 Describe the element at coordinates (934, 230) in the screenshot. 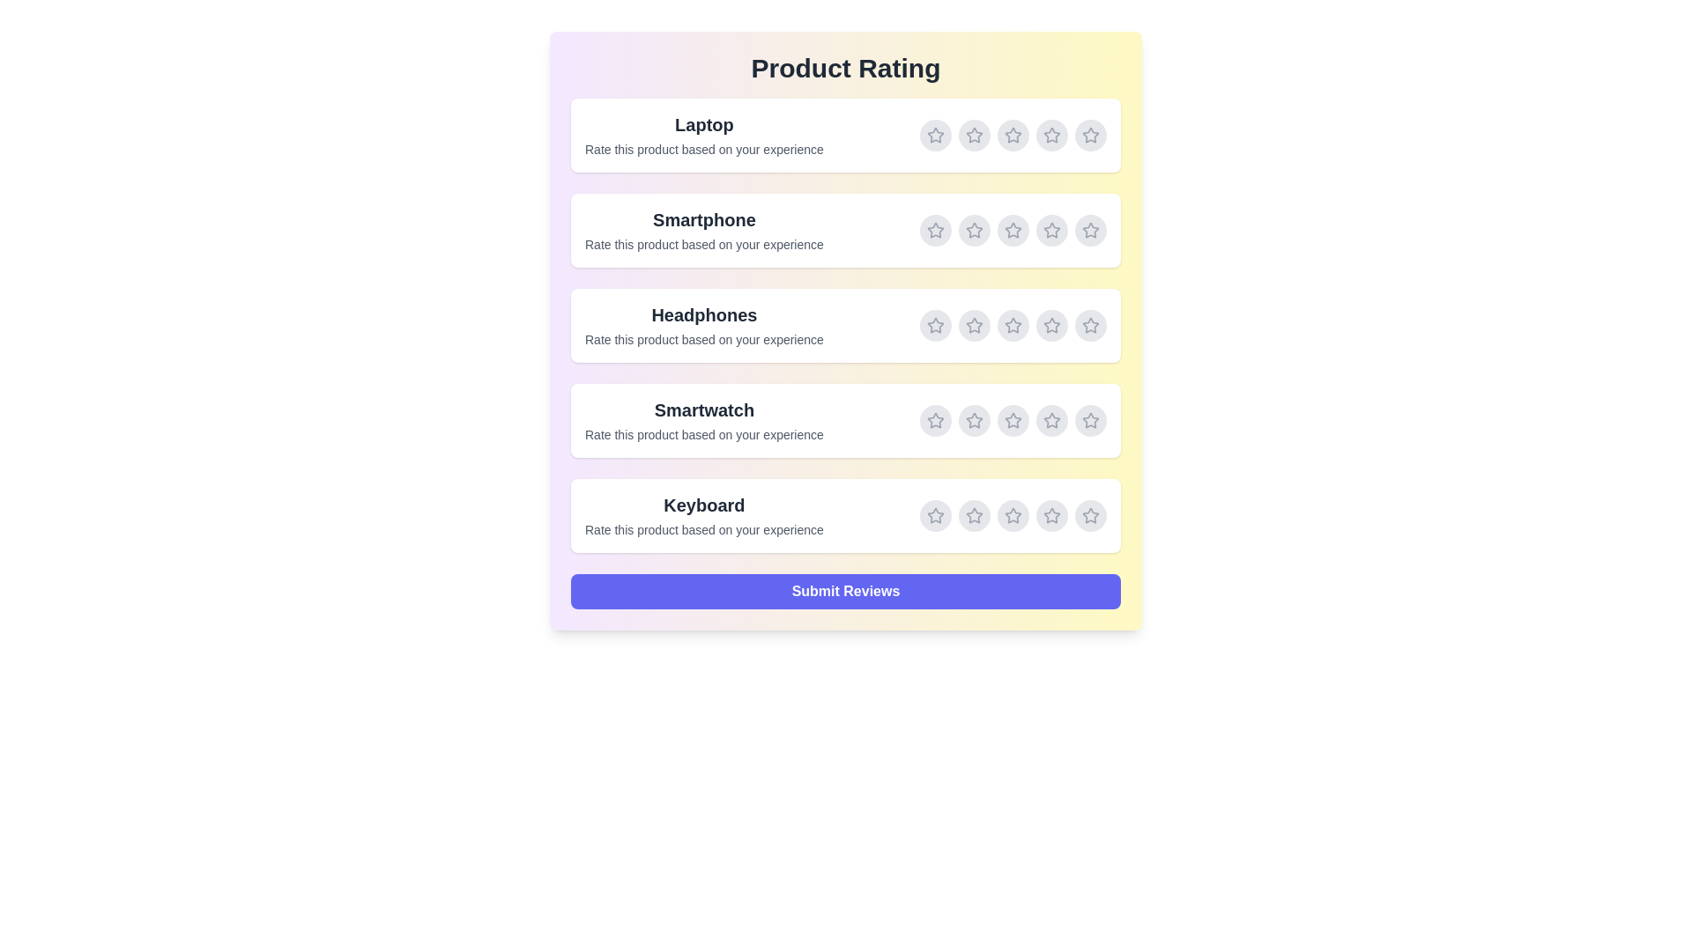

I see `the rating for Smartphone to 1 stars` at that location.